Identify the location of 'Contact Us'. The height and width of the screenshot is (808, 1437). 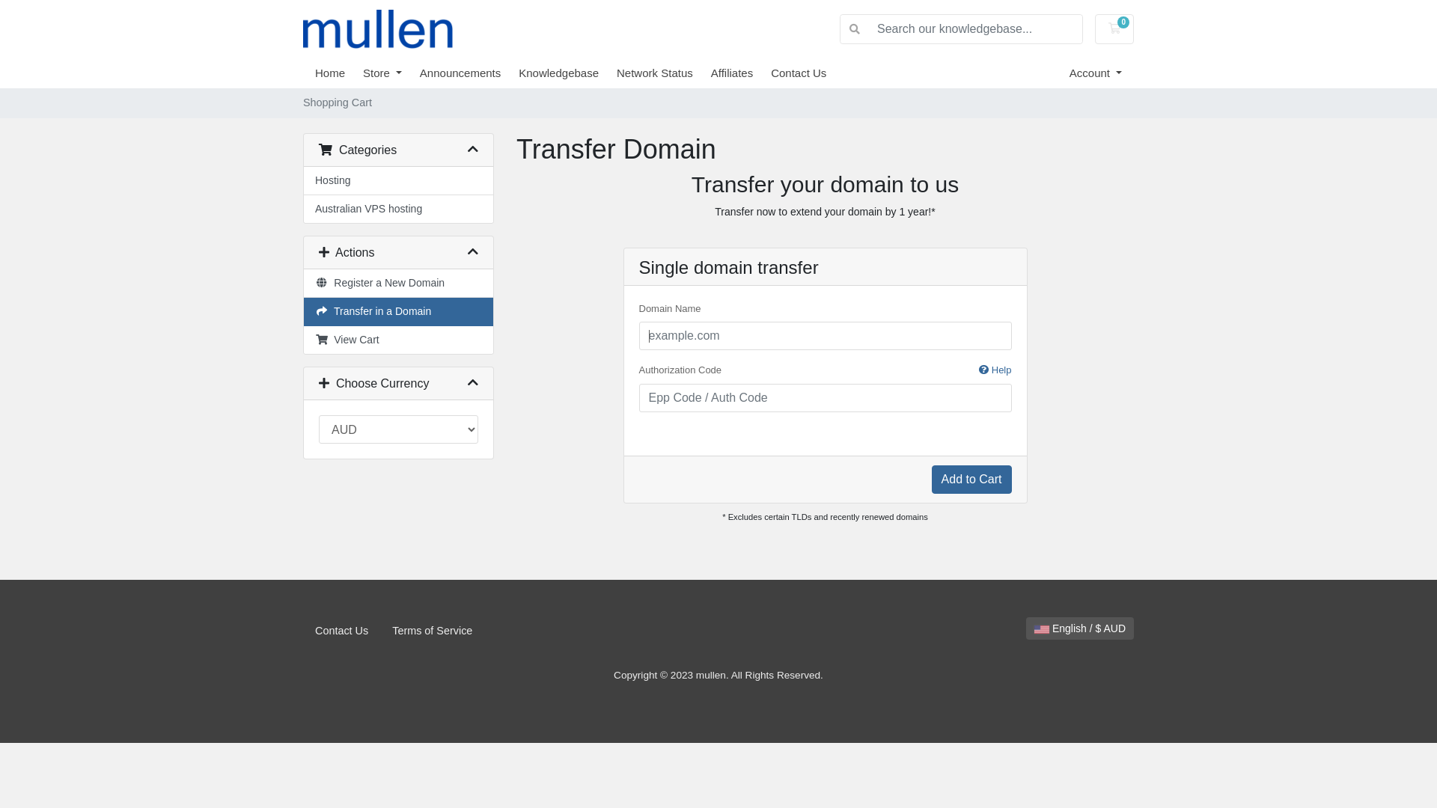
(341, 631).